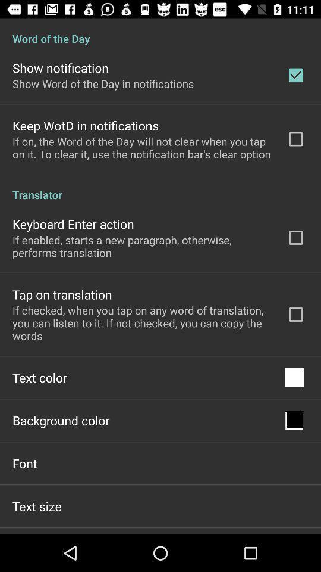  Describe the element at coordinates (40, 377) in the screenshot. I see `text color` at that location.